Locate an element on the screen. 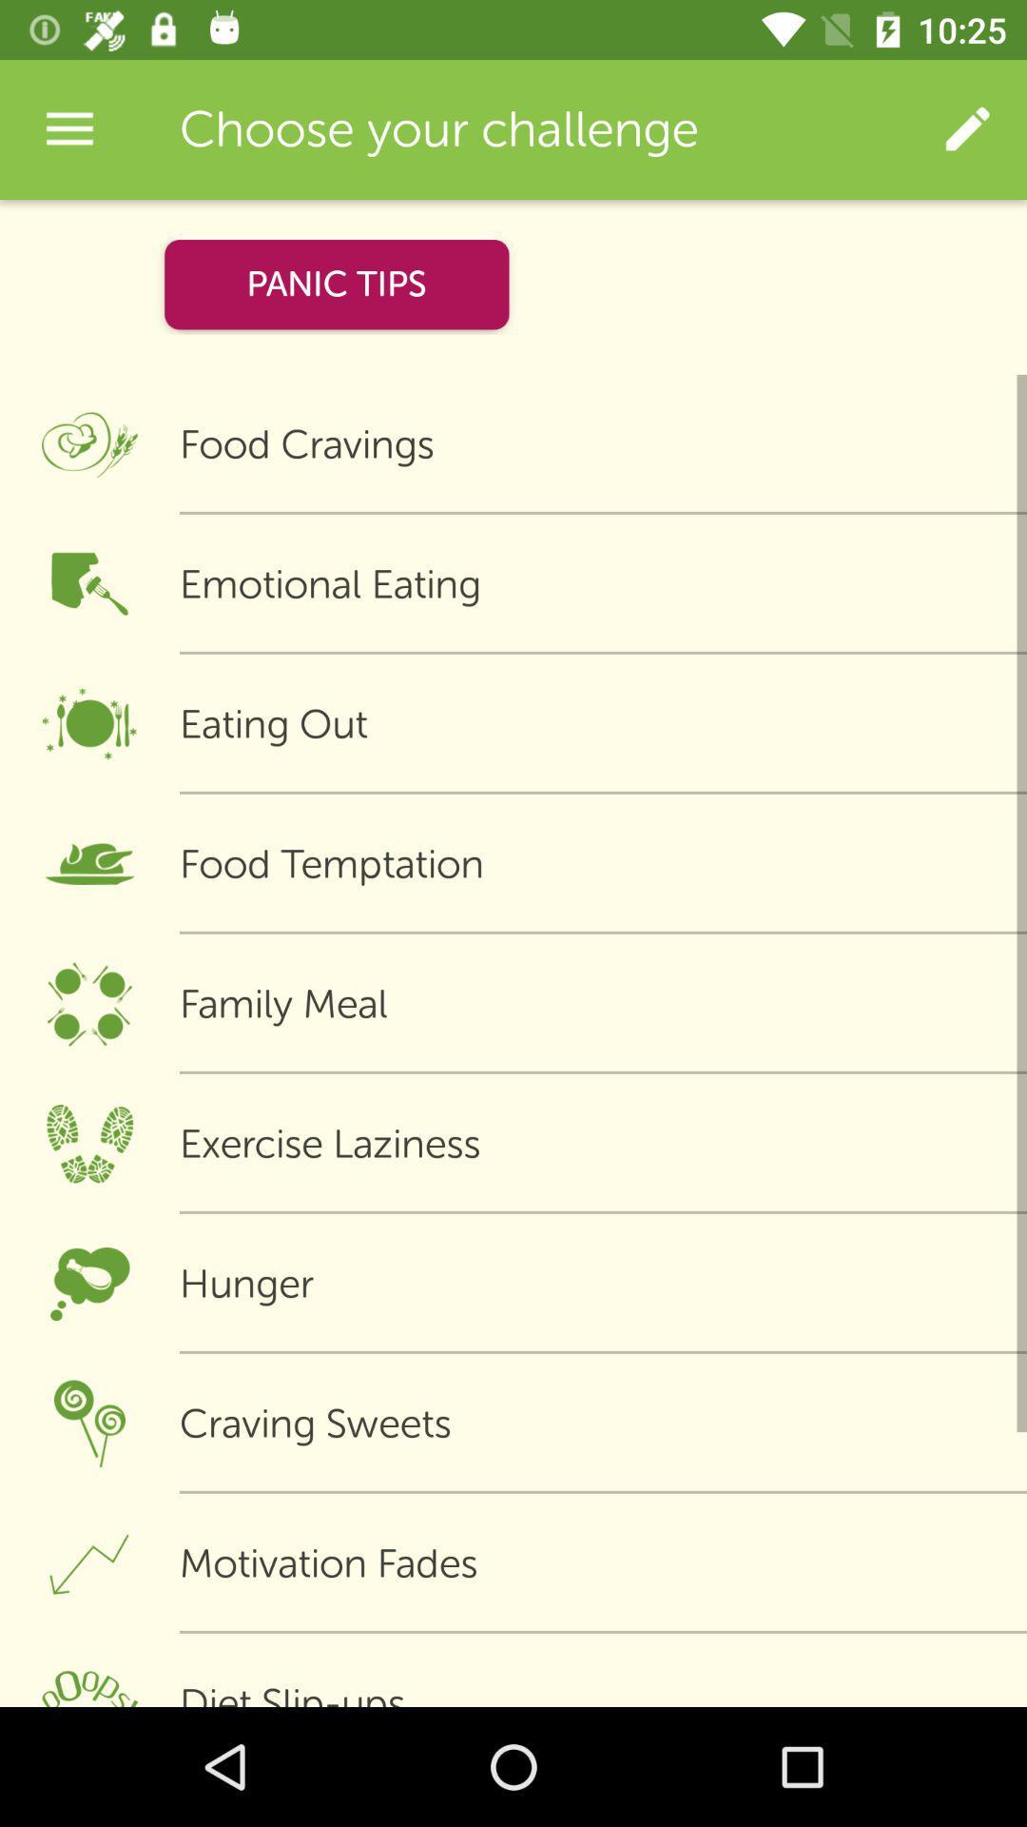  icon above the food cravings is located at coordinates (336, 284).